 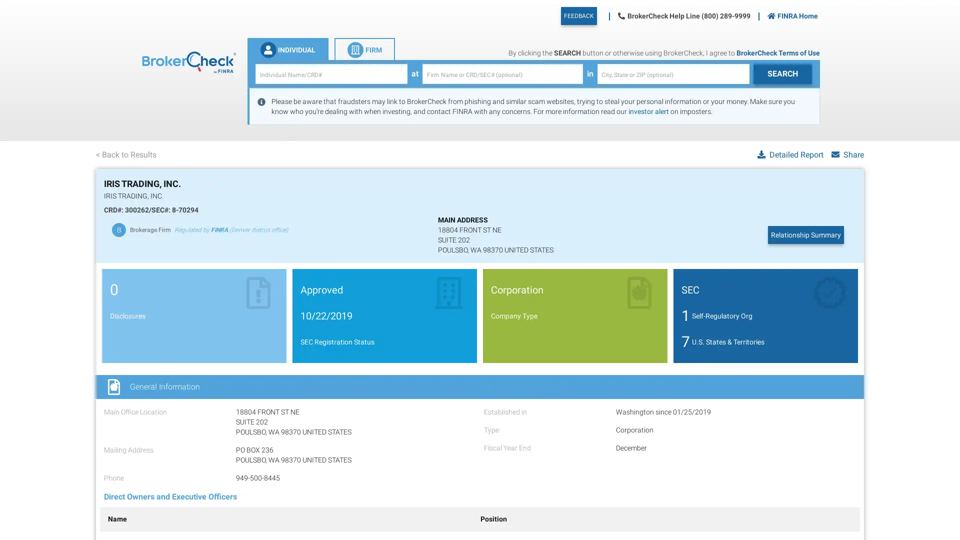 What do you see at coordinates (859, 73) in the screenshot?
I see `FirmSearch` at bounding box center [859, 73].